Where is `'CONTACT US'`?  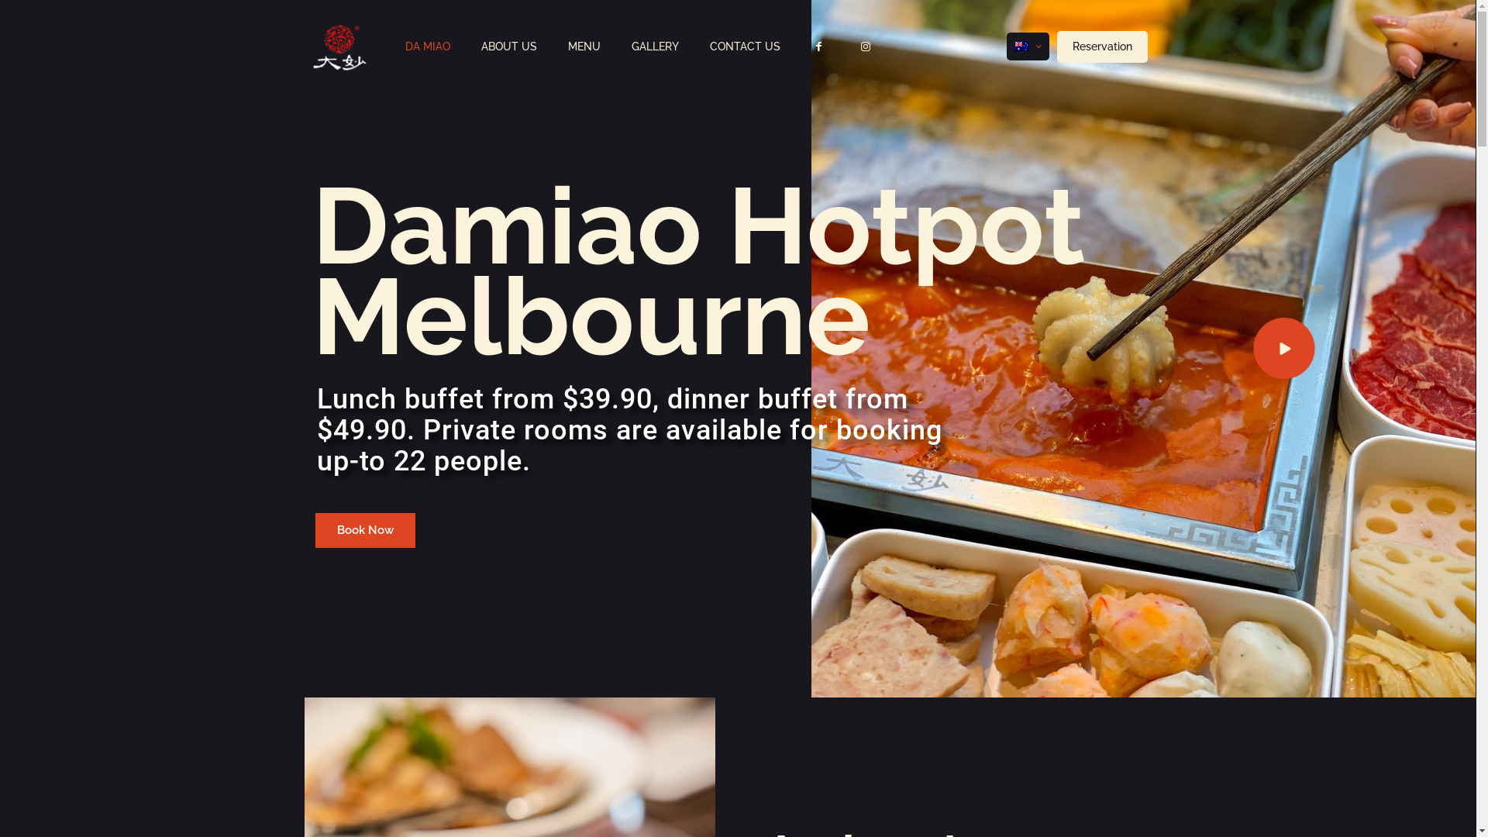 'CONTACT US' is located at coordinates (745, 46).